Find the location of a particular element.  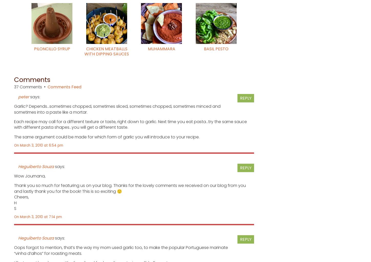

'Muhammara' is located at coordinates (161, 49).